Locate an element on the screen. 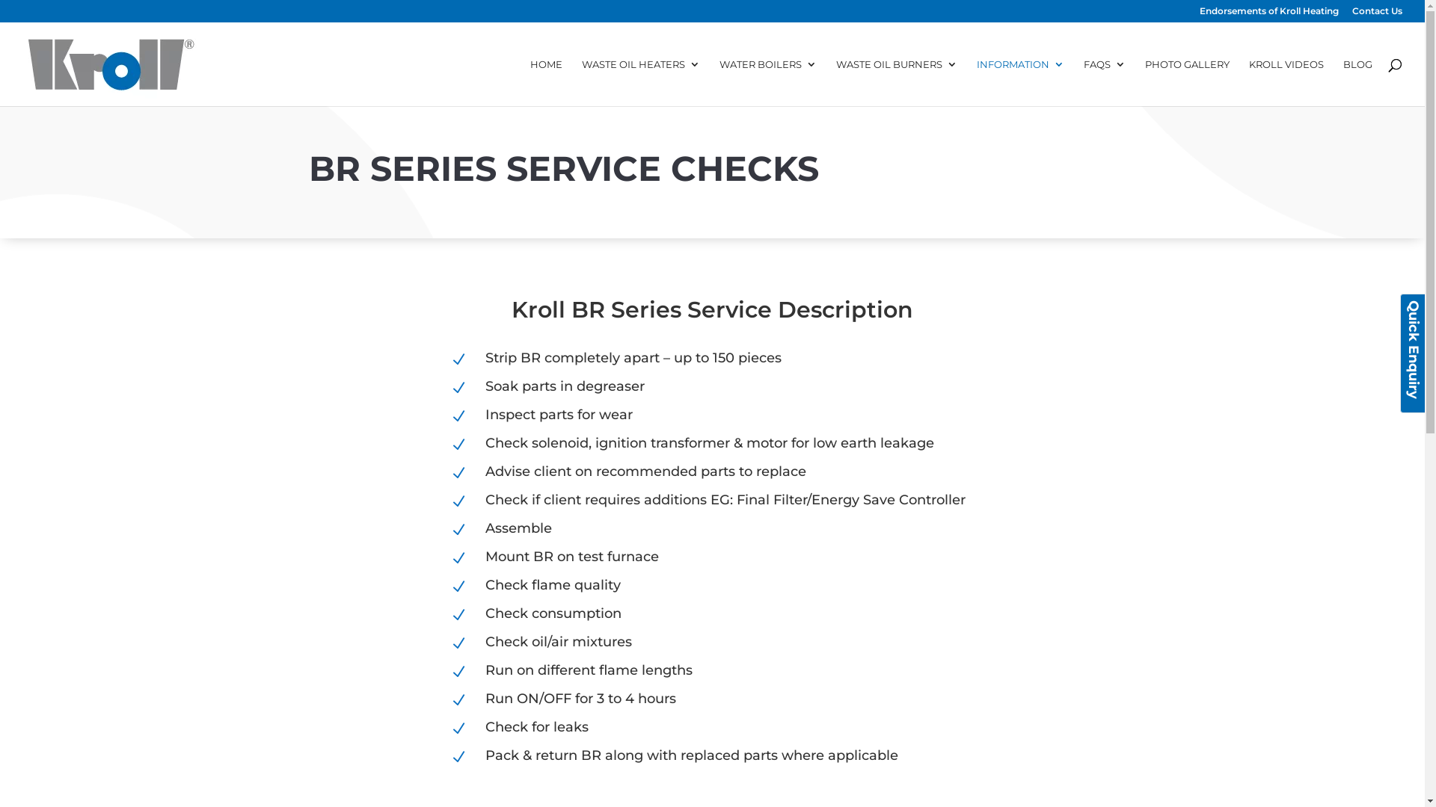 The width and height of the screenshot is (1436, 807). 'WASTE OIL HEATERS' is located at coordinates (580, 82).